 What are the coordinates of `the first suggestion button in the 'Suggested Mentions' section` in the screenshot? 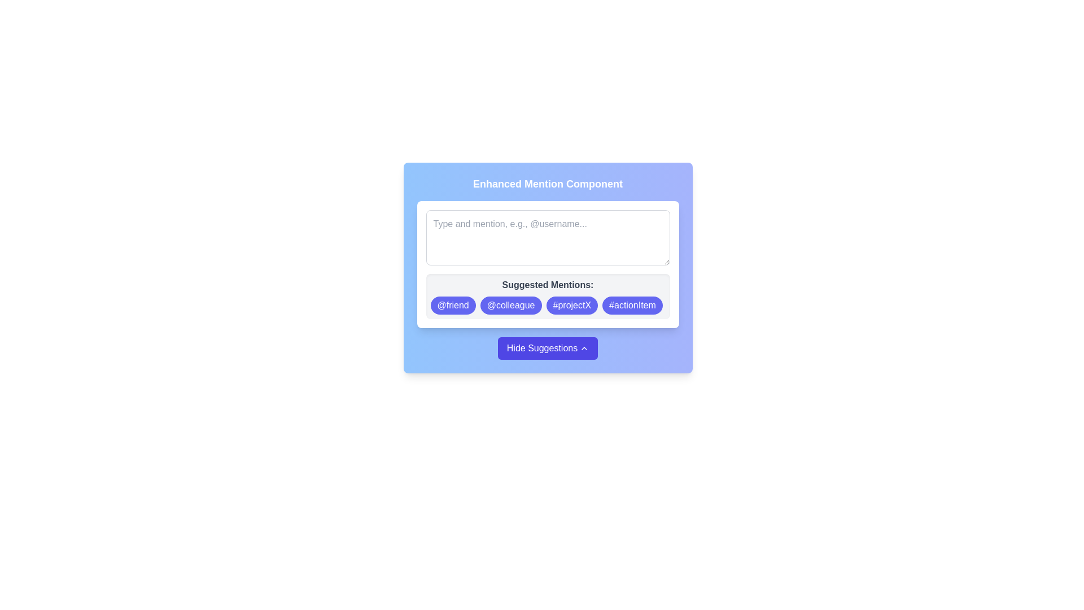 It's located at (453, 305).